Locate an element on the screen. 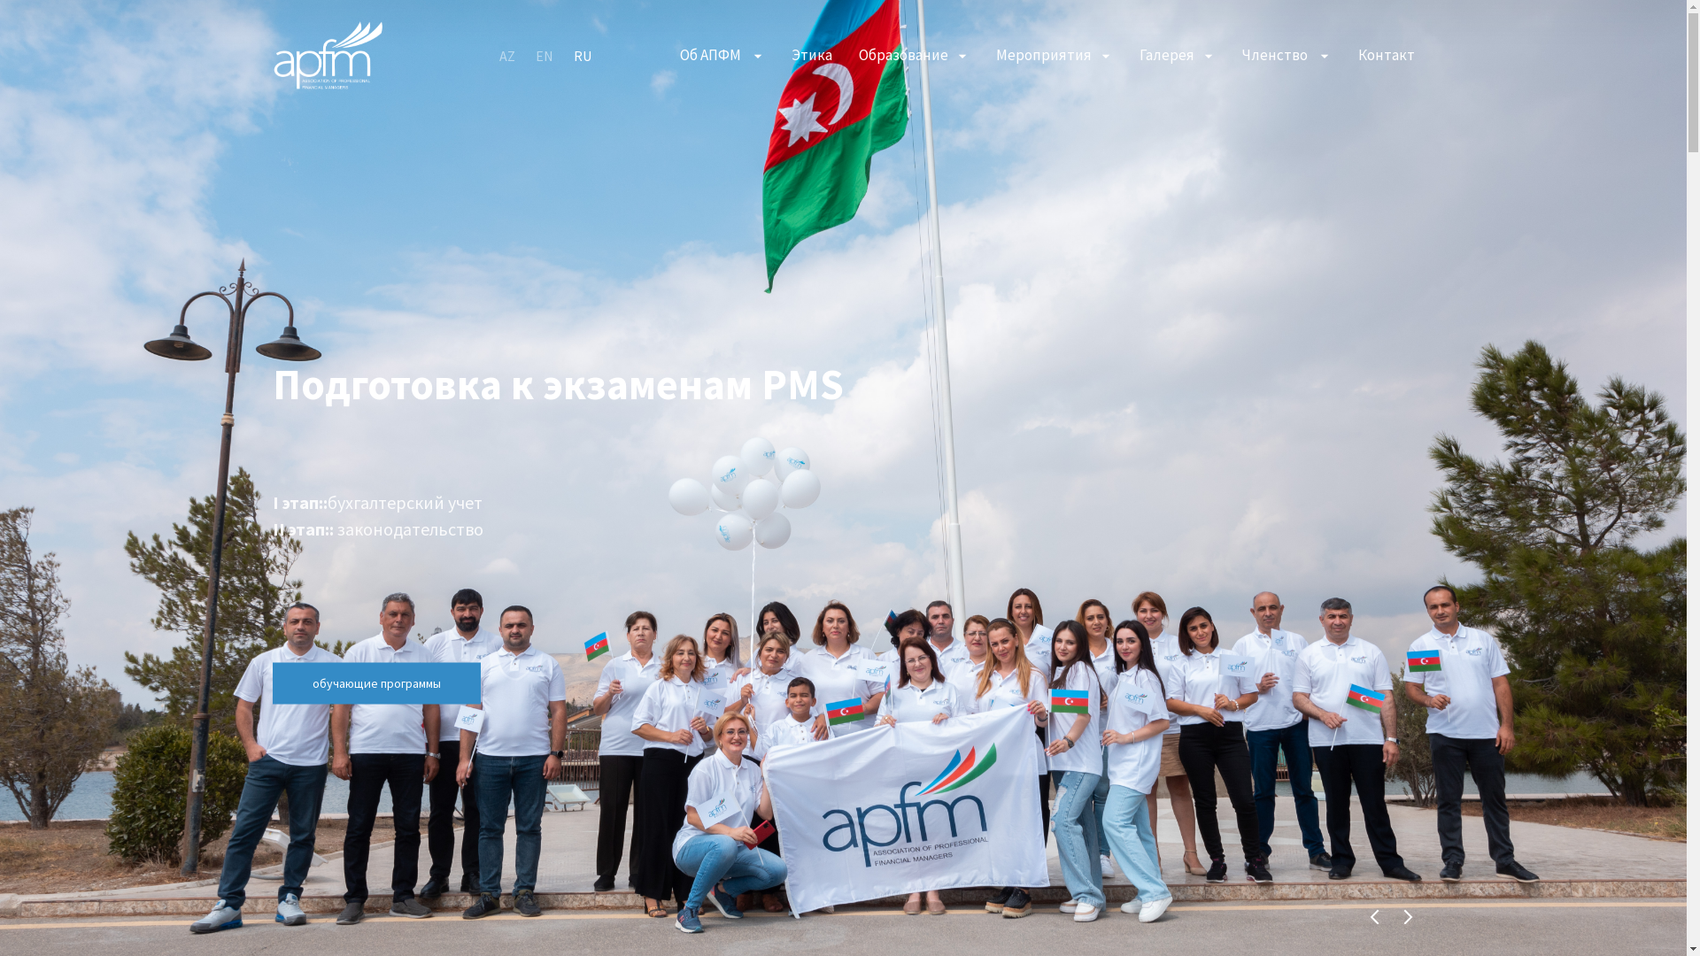 The width and height of the screenshot is (1700, 956). 'RU' is located at coordinates (582, 54).